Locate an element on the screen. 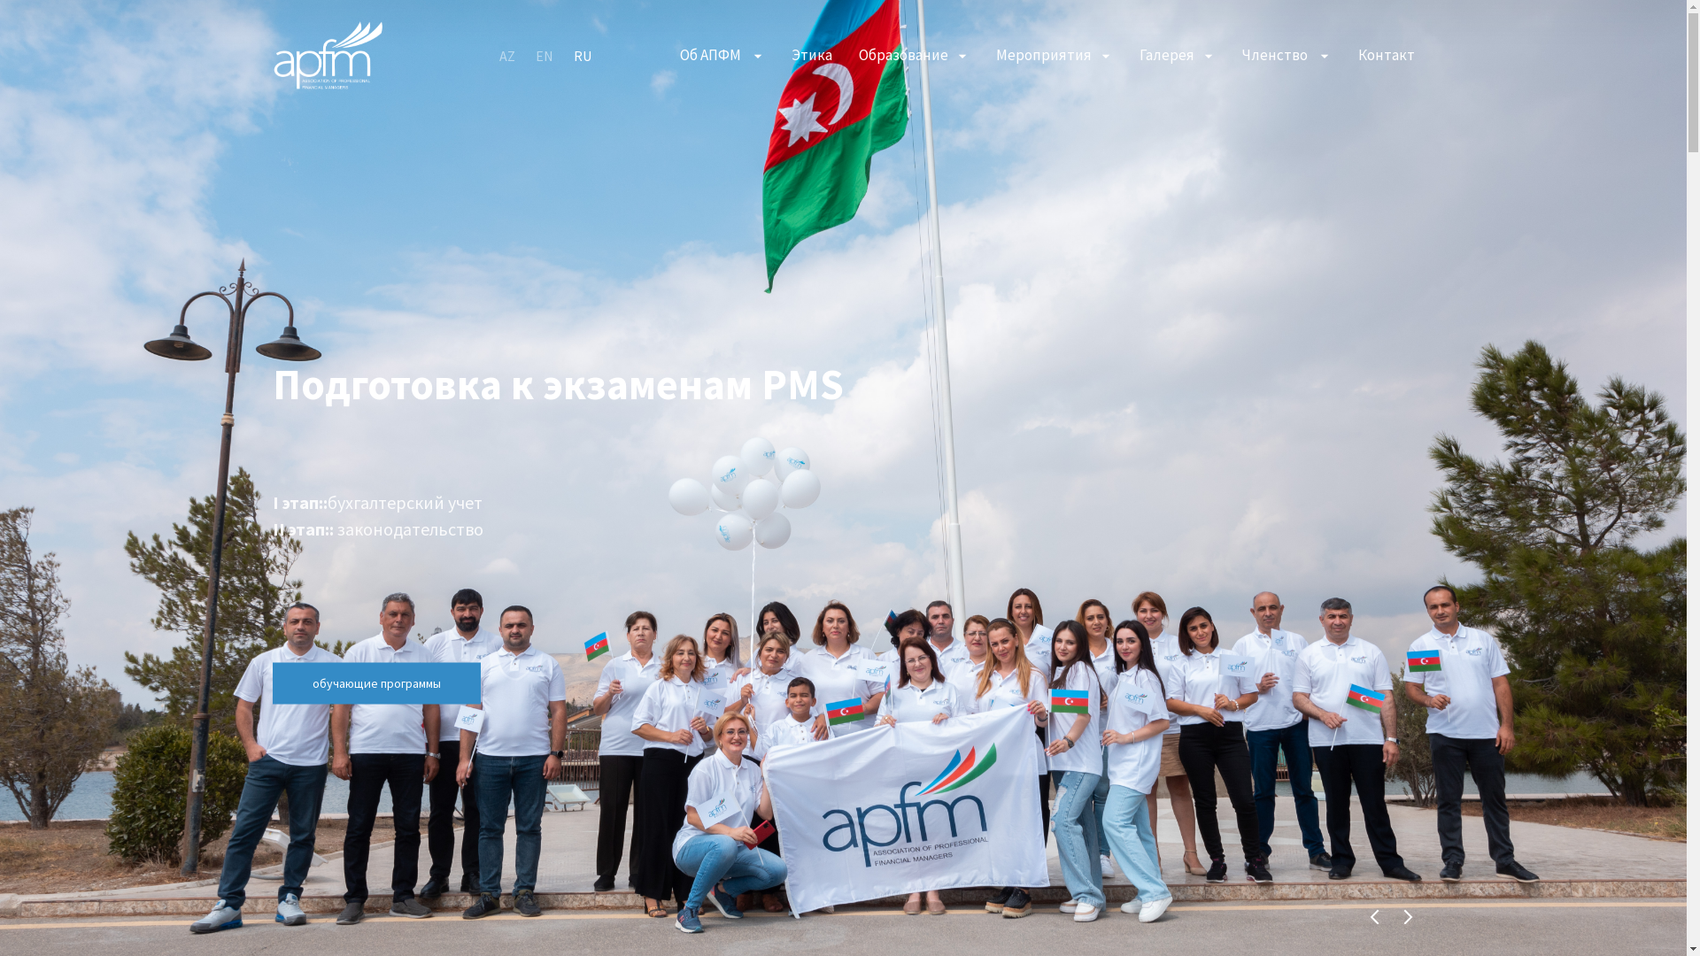 The width and height of the screenshot is (1700, 956). 'RU' is located at coordinates (582, 54).